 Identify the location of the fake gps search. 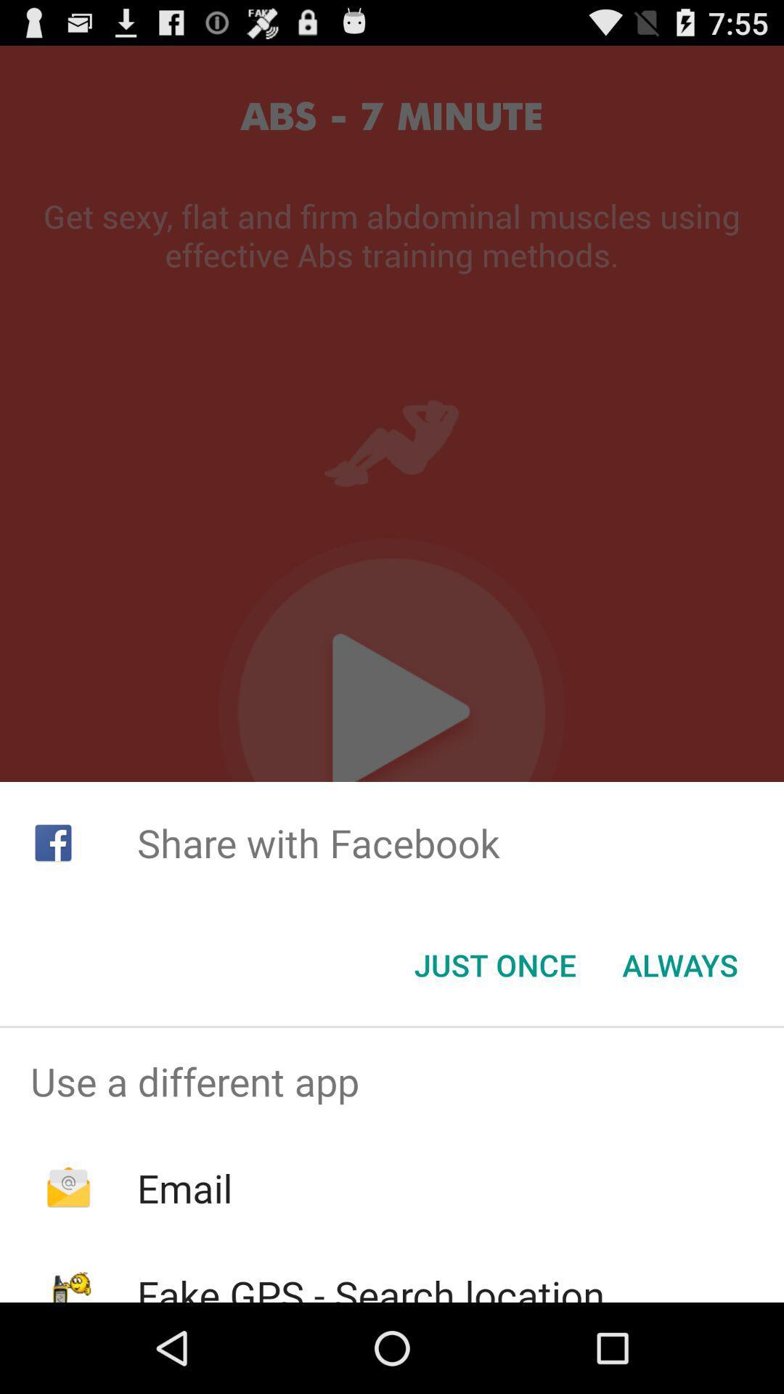
(370, 1285).